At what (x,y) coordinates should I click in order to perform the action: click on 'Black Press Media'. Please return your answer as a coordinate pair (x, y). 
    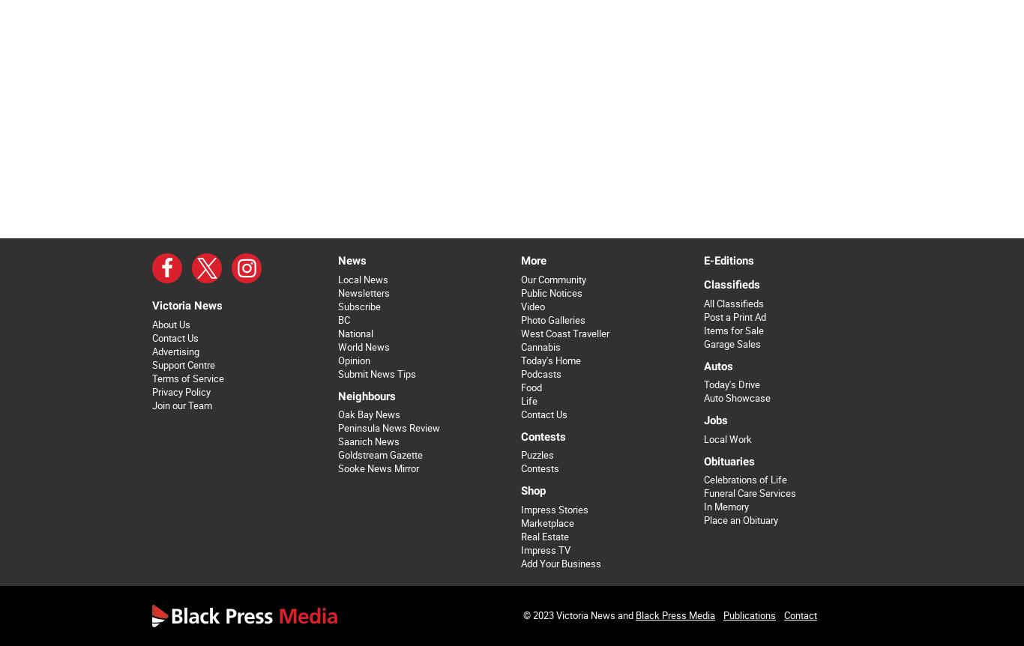
    Looking at the image, I should click on (635, 614).